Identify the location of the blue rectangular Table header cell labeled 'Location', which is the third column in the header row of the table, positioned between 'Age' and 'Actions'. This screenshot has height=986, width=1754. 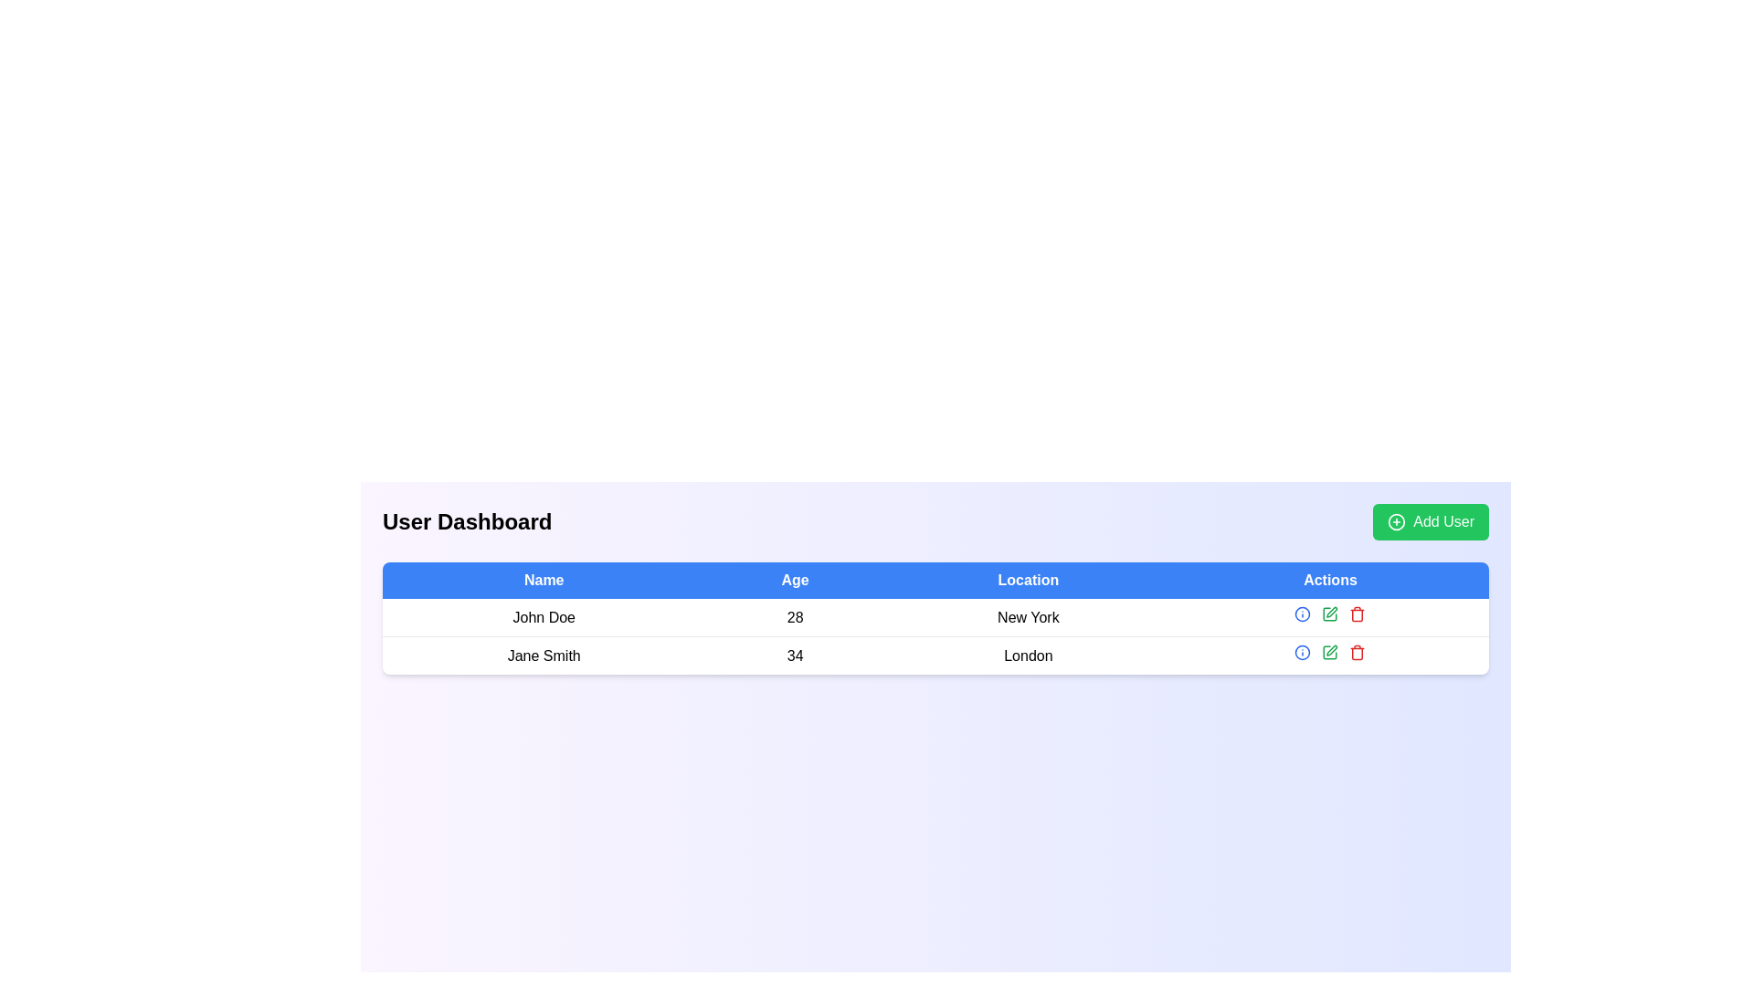
(1028, 581).